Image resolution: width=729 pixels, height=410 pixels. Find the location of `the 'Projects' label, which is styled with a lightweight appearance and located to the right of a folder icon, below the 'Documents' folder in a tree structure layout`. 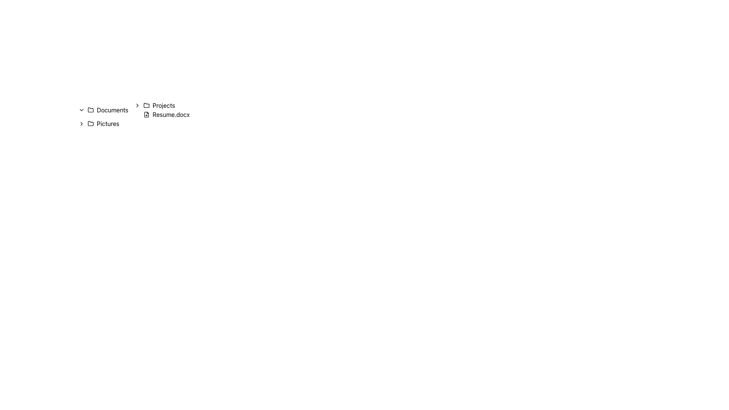

the 'Projects' label, which is styled with a lightweight appearance and located to the right of a folder icon, below the 'Documents' folder in a tree structure layout is located at coordinates (158, 105).